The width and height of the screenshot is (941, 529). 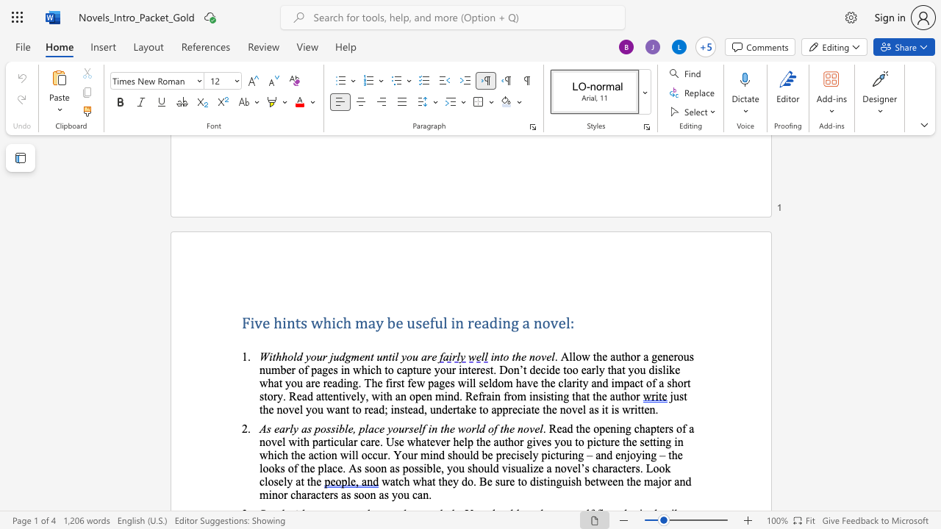 What do you see at coordinates (545, 356) in the screenshot?
I see `the space between the continuous character "v" and "e" in the text` at bounding box center [545, 356].